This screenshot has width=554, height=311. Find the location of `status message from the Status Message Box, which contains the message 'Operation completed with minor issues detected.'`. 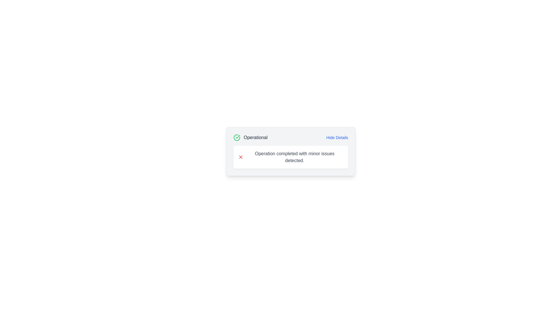

status message from the Status Message Box, which contains the message 'Operation completed with minor issues detected.' is located at coordinates (291, 157).